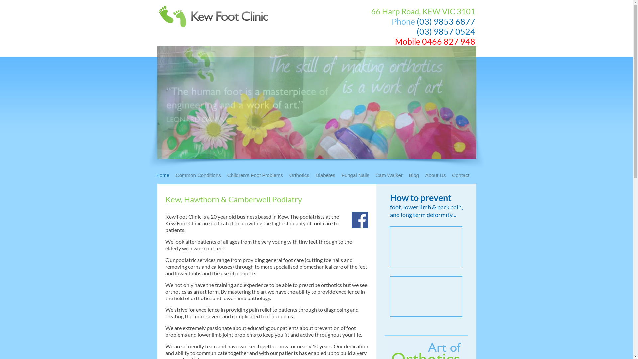 This screenshot has height=359, width=638. I want to click on 'Fungal Nails', so click(357, 177).